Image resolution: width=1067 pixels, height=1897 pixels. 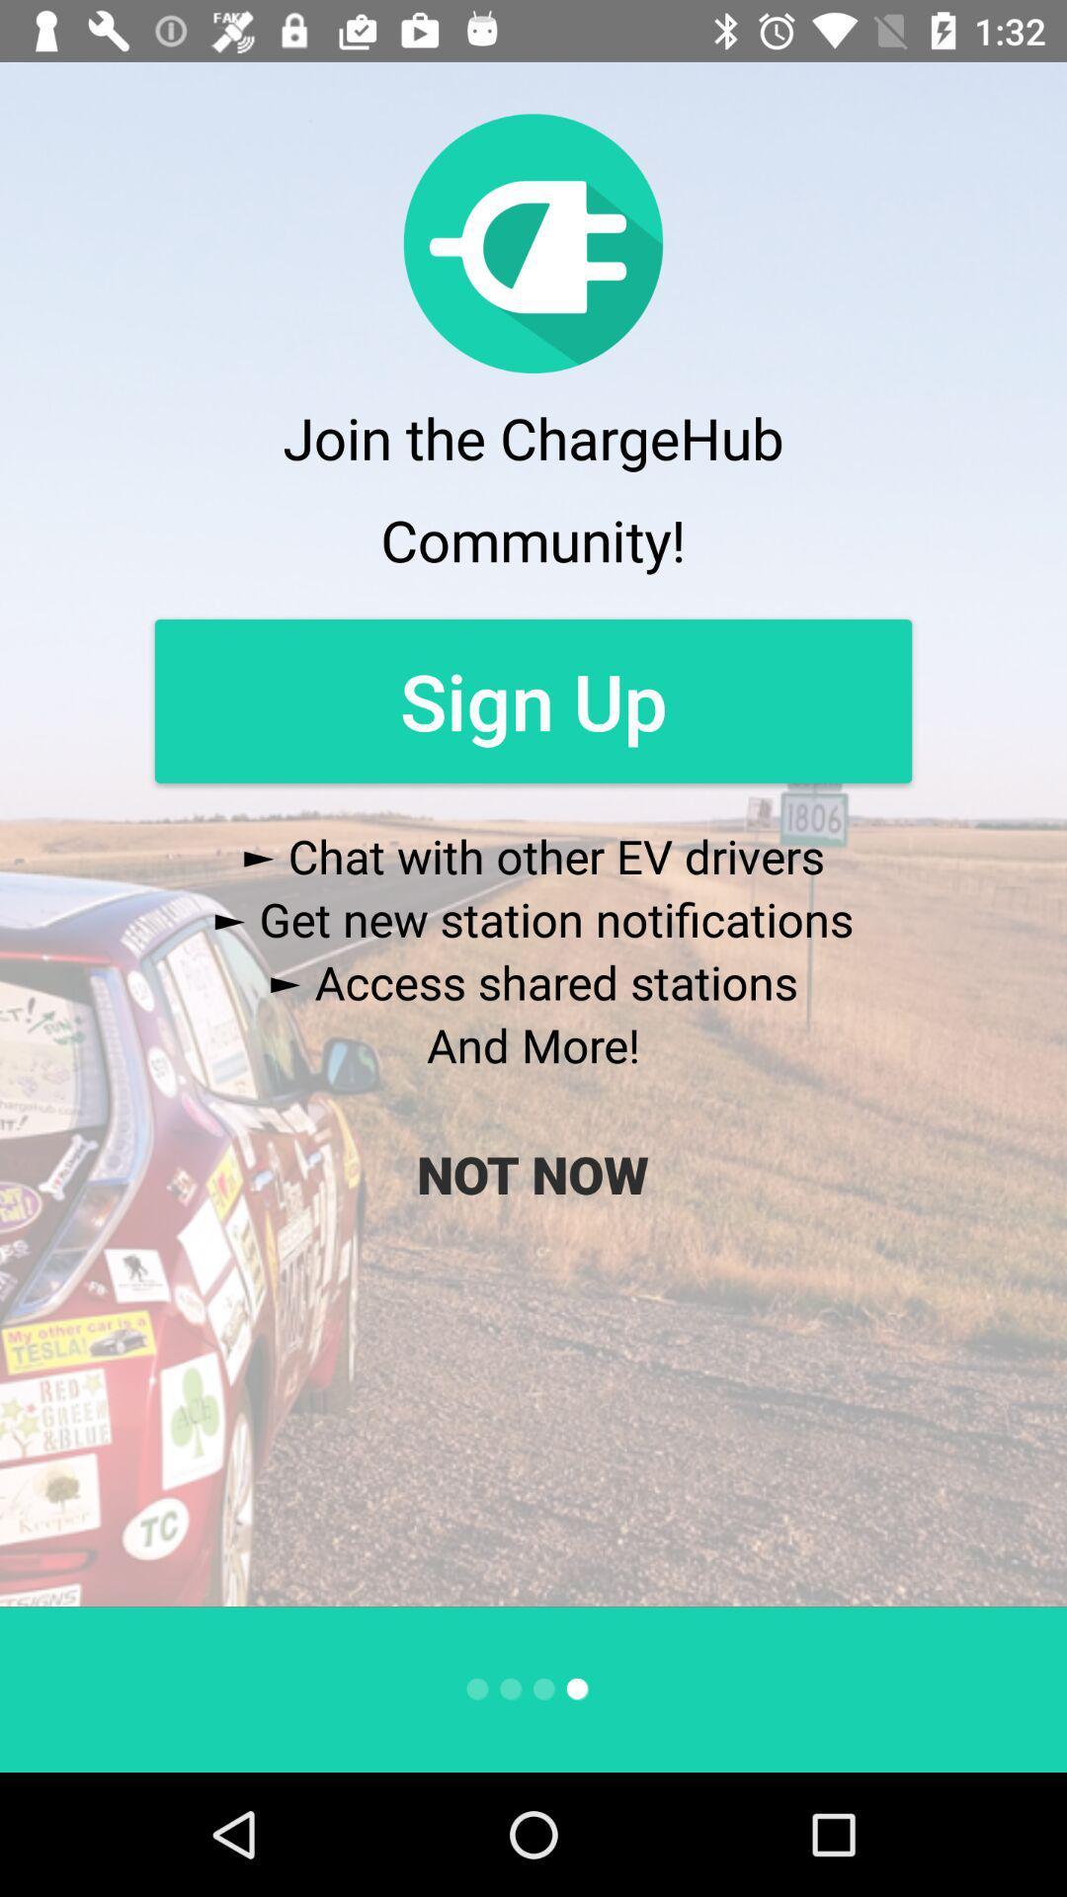 I want to click on the icon below the and more!, so click(x=532, y=1174).